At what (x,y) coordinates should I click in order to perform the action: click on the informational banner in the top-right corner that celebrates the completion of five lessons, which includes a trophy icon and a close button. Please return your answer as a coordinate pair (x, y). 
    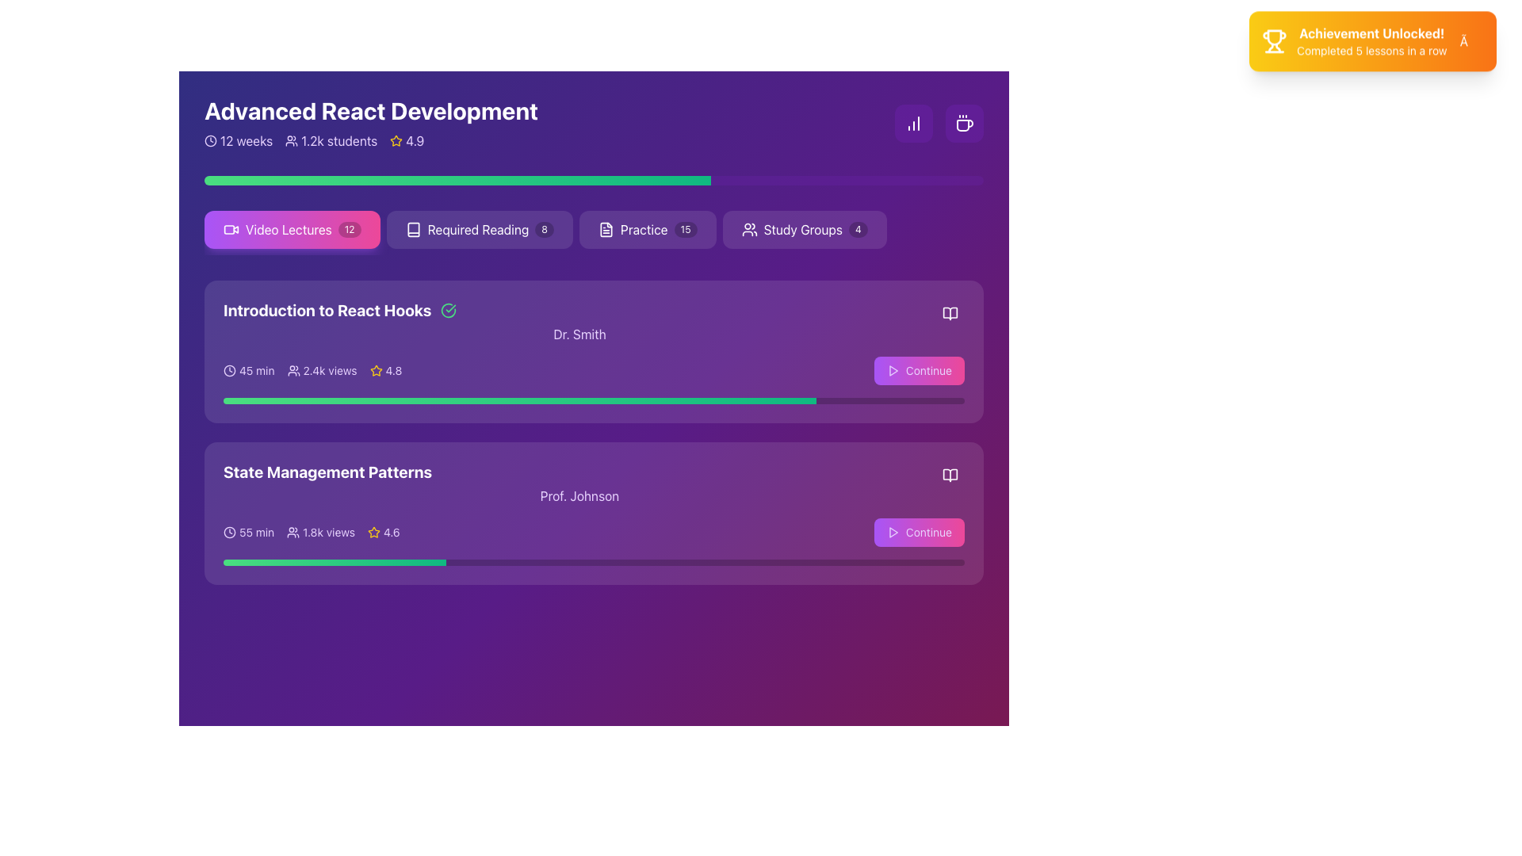
    Looking at the image, I should click on (1371, 47).